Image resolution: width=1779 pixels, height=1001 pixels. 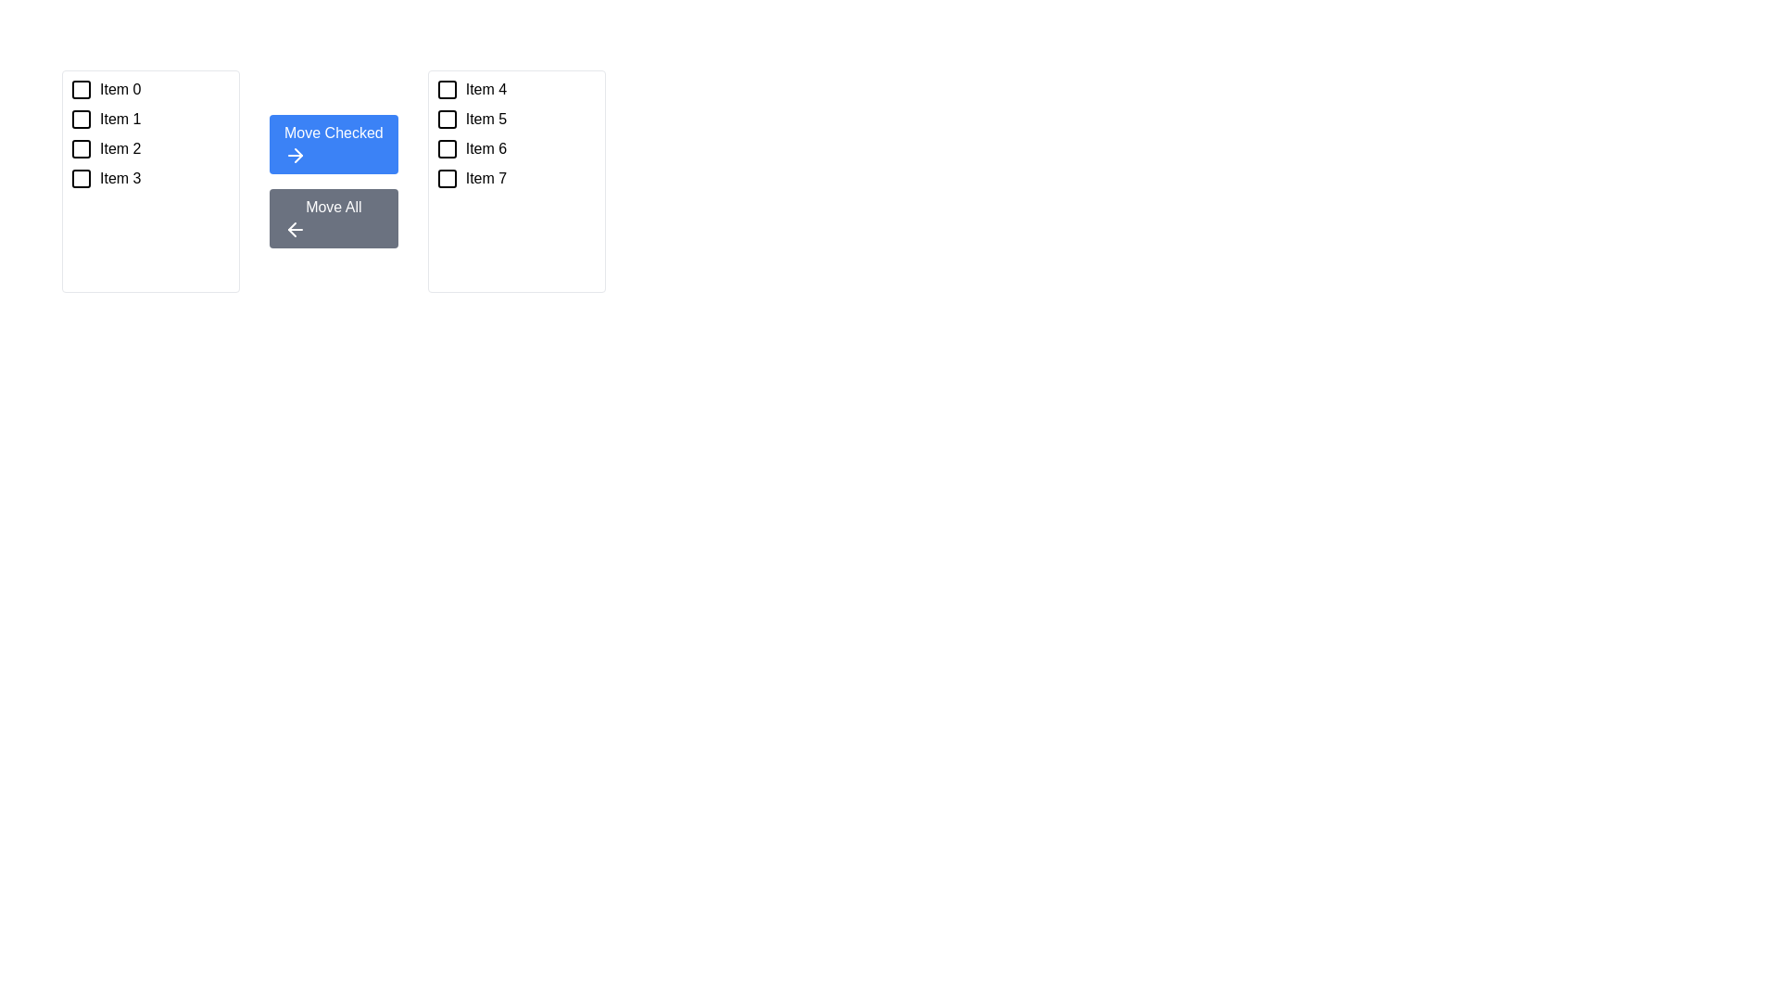 I want to click on the leftward arrow icon located inside the 'Move All' button at the bottom center of the layout, so click(x=294, y=228).